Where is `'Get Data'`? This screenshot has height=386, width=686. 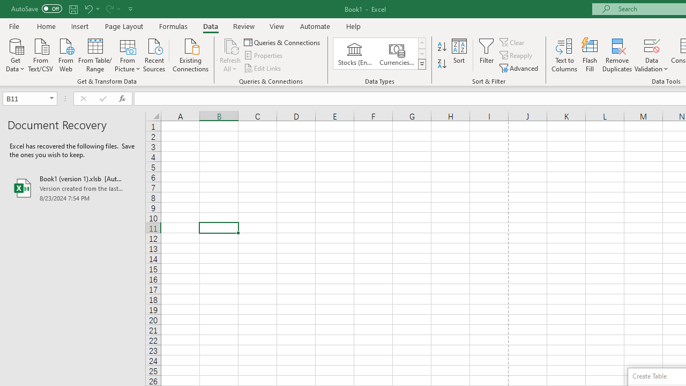 'Get Data' is located at coordinates (15, 54).